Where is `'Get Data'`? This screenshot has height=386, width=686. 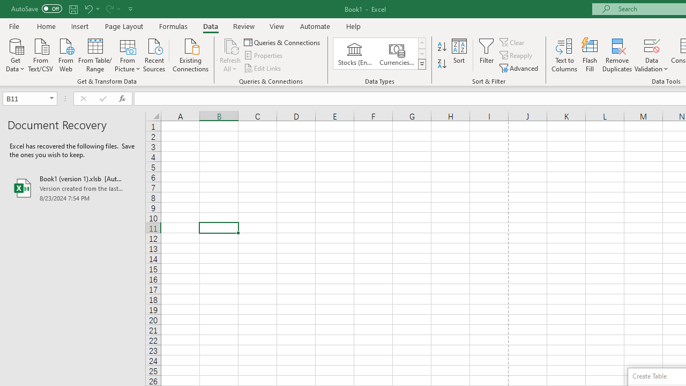 'Get Data' is located at coordinates (15, 54).